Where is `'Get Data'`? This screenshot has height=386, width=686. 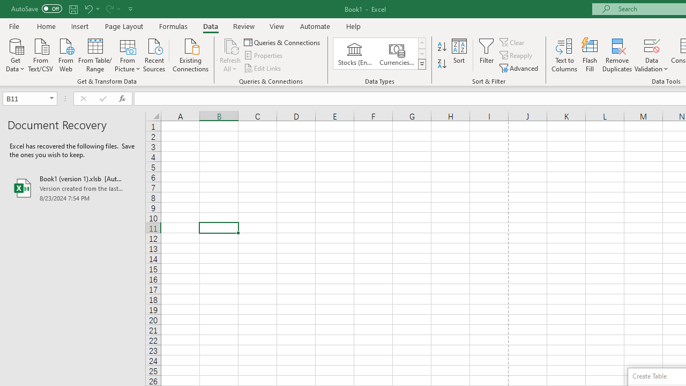 'Get Data' is located at coordinates (15, 54).